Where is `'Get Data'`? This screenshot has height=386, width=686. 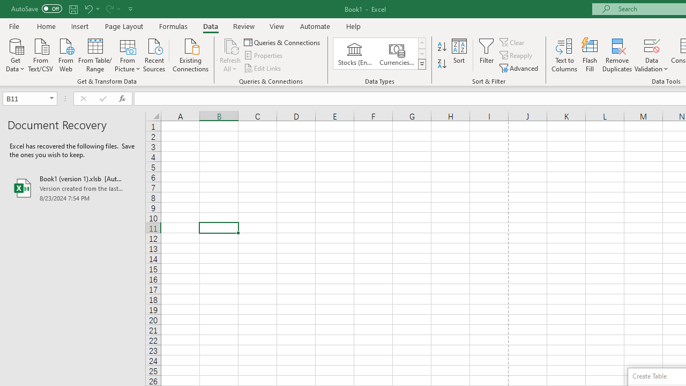 'Get Data' is located at coordinates (15, 54).